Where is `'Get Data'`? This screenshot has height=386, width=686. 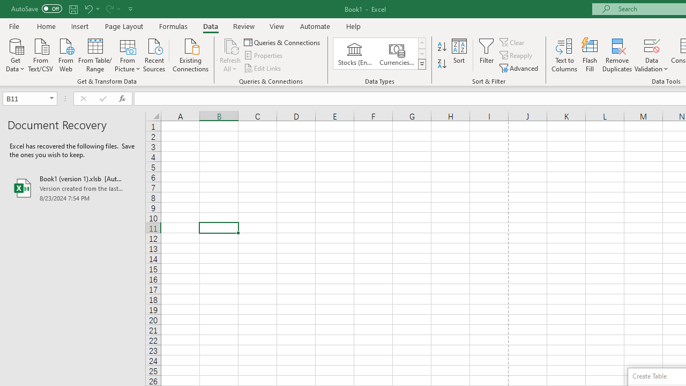 'Get Data' is located at coordinates (15, 54).